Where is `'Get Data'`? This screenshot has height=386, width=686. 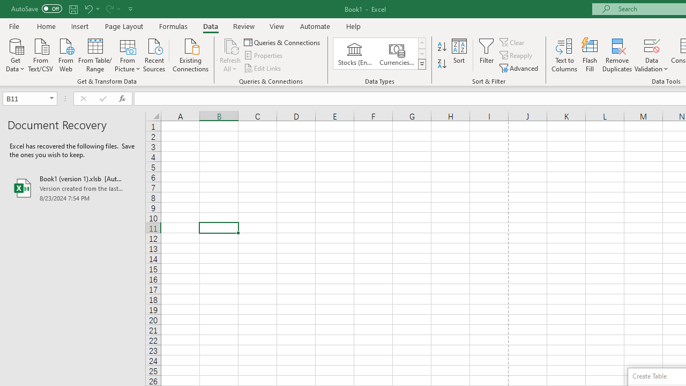 'Get Data' is located at coordinates (15, 54).